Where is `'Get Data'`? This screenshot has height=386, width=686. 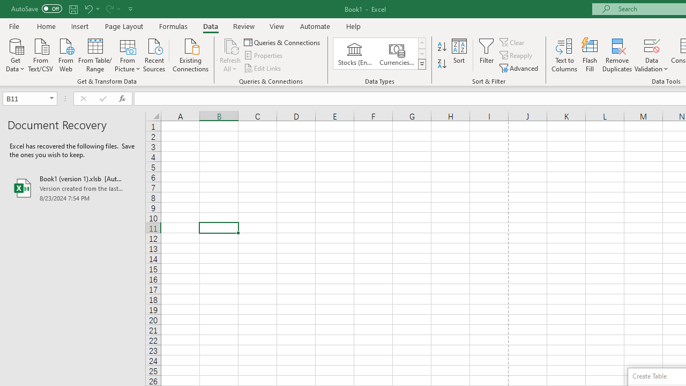 'Get Data' is located at coordinates (15, 54).